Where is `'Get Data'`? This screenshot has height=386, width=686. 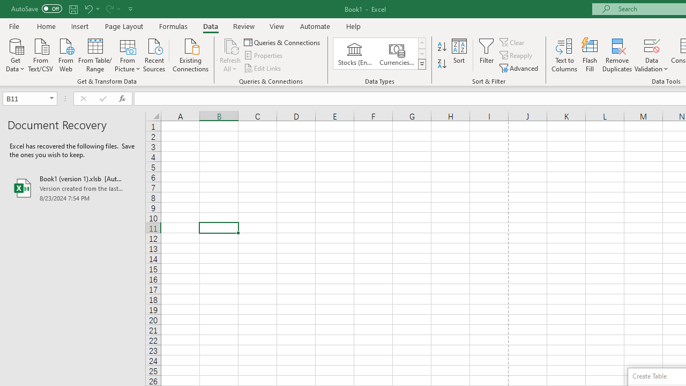 'Get Data' is located at coordinates (15, 54).